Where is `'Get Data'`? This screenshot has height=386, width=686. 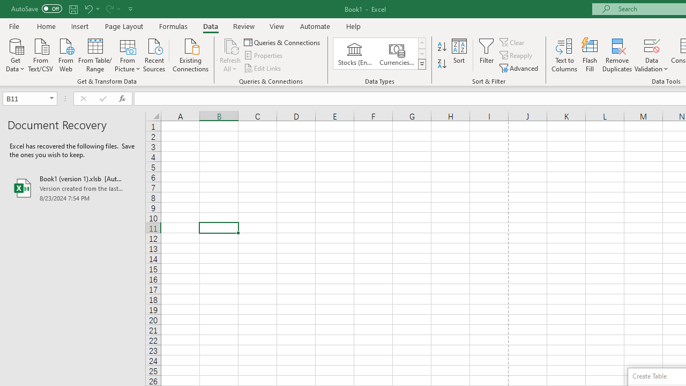 'Get Data' is located at coordinates (15, 54).